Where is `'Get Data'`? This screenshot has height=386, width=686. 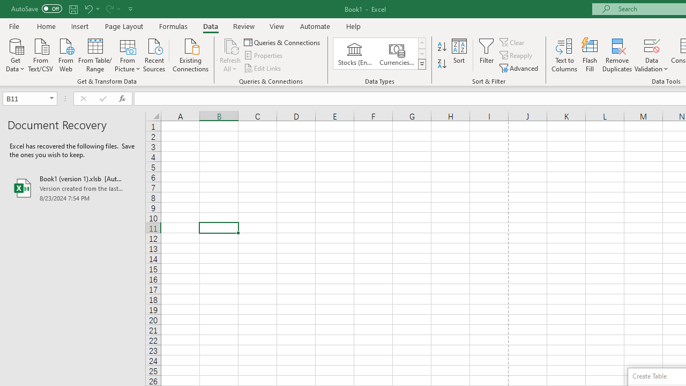 'Get Data' is located at coordinates (15, 54).